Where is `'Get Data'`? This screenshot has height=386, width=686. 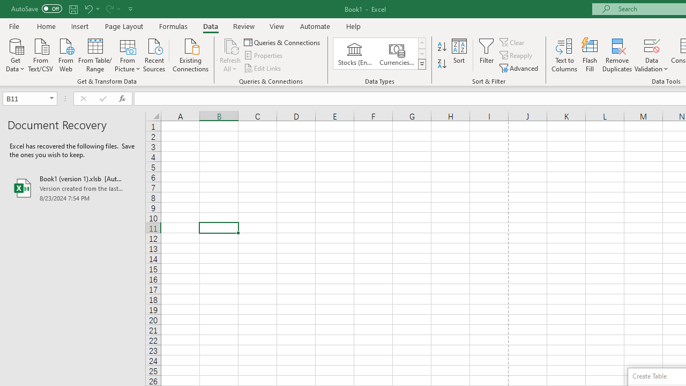 'Get Data' is located at coordinates (15, 54).